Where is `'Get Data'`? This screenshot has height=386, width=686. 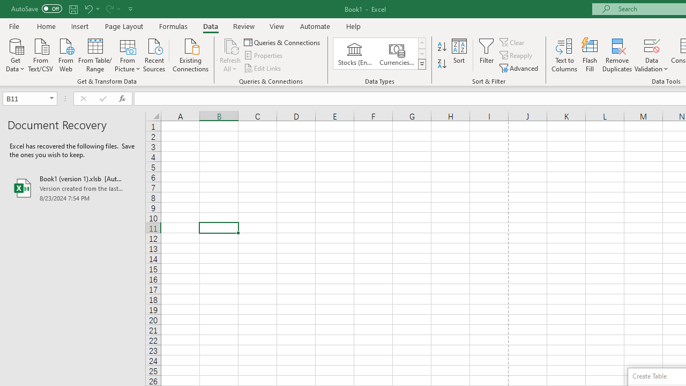 'Get Data' is located at coordinates (15, 54).